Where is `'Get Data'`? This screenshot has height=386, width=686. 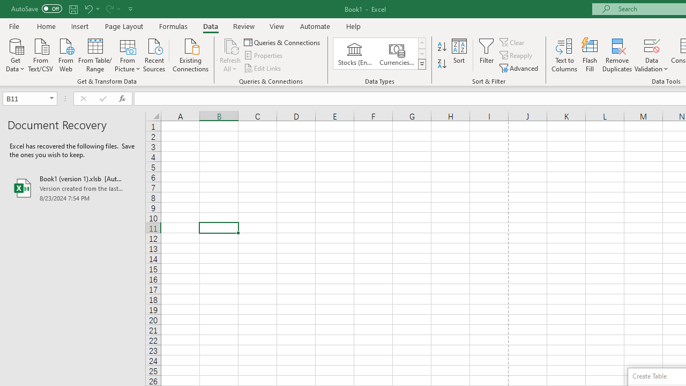 'Get Data' is located at coordinates (15, 54).